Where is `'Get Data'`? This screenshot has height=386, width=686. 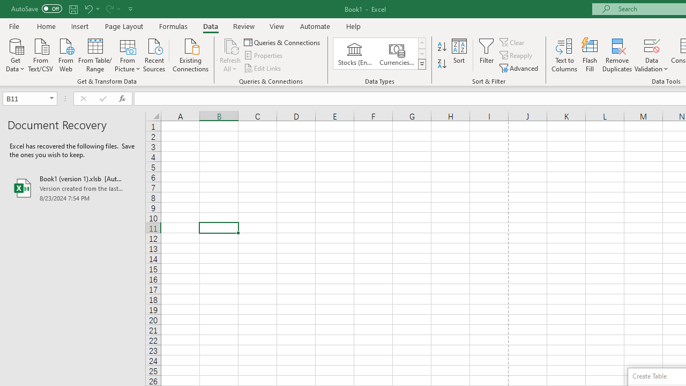 'Get Data' is located at coordinates (15, 54).